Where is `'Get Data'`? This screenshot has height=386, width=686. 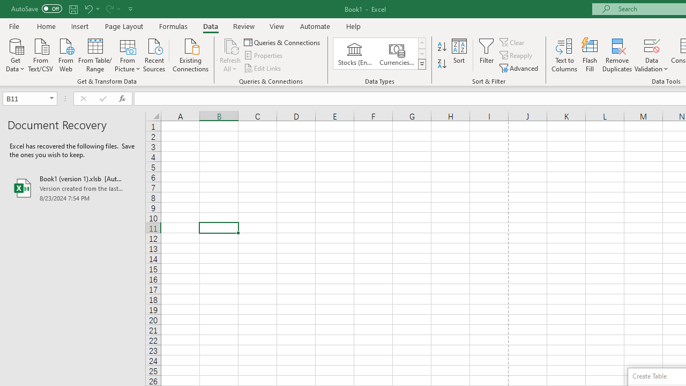 'Get Data' is located at coordinates (15, 54).